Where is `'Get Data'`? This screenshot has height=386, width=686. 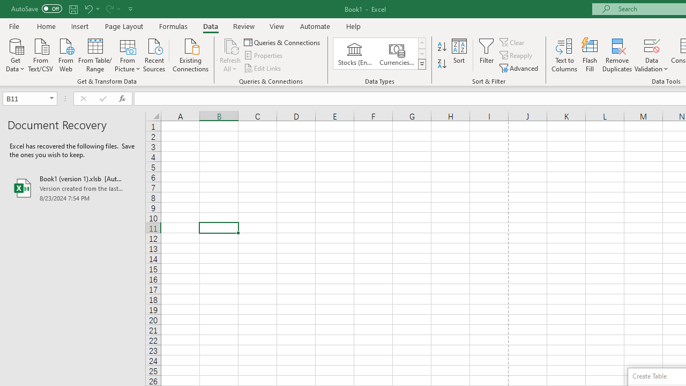 'Get Data' is located at coordinates (15, 54).